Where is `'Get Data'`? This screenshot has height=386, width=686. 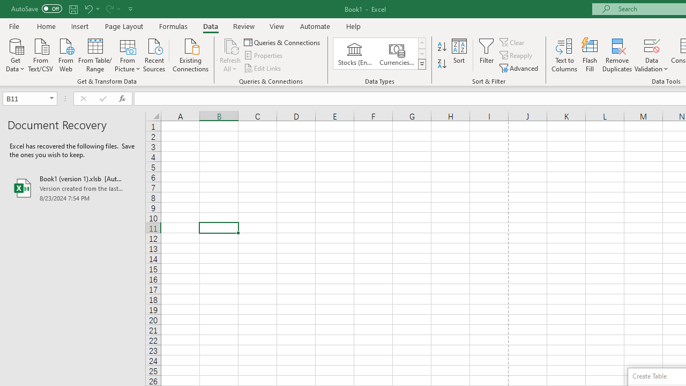 'Get Data' is located at coordinates (15, 54).